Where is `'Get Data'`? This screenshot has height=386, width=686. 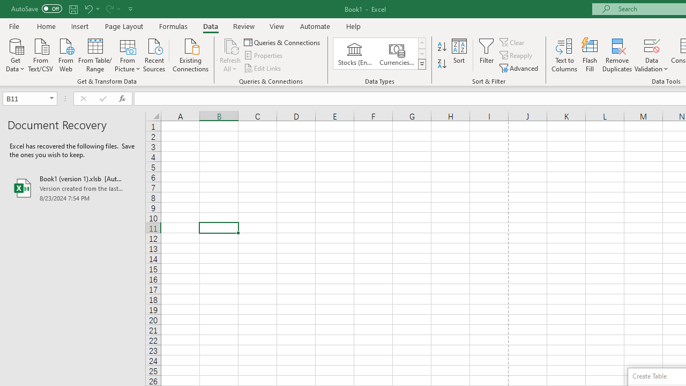 'Get Data' is located at coordinates (15, 54).